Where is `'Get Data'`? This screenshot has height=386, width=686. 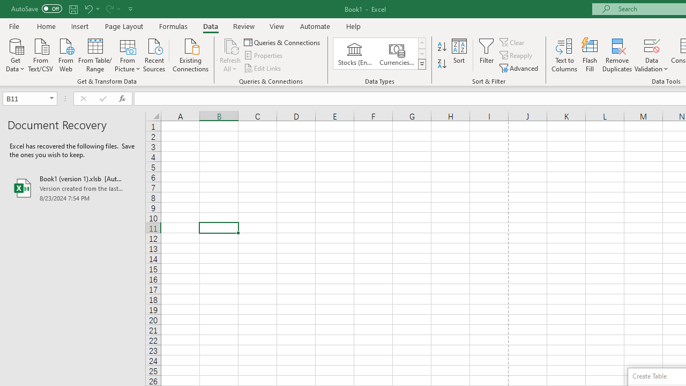 'Get Data' is located at coordinates (15, 54).